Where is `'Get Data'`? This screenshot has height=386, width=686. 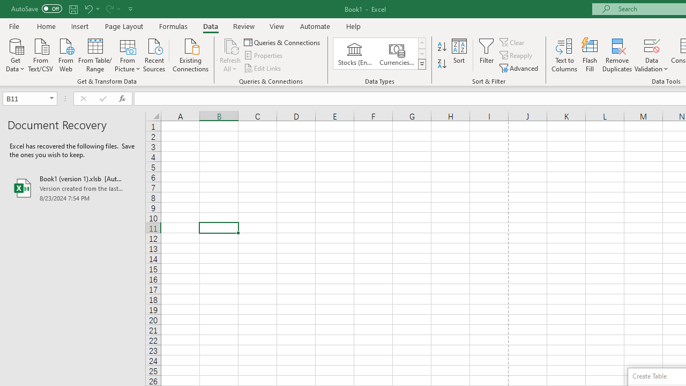 'Get Data' is located at coordinates (15, 54).